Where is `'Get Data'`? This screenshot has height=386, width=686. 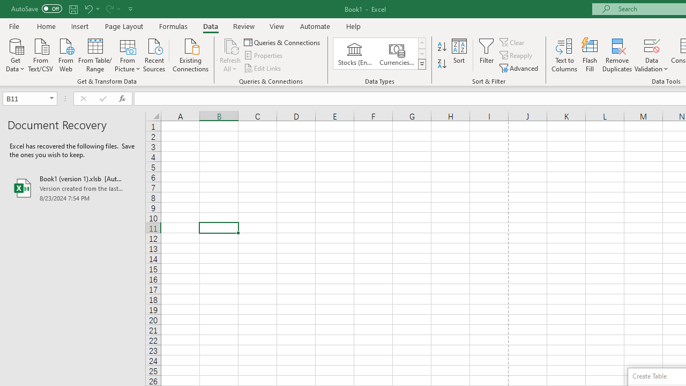 'Get Data' is located at coordinates (15, 54).